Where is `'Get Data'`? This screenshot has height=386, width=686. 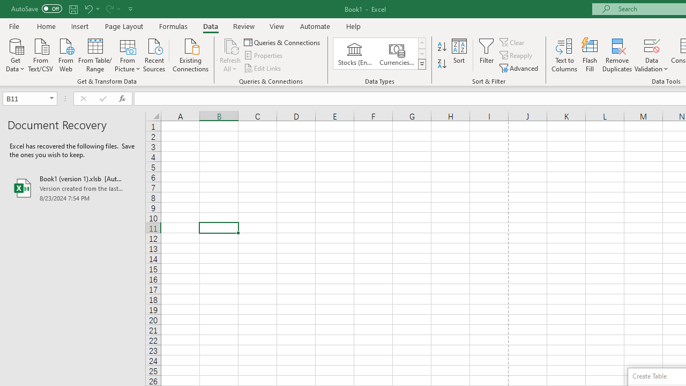 'Get Data' is located at coordinates (15, 54).